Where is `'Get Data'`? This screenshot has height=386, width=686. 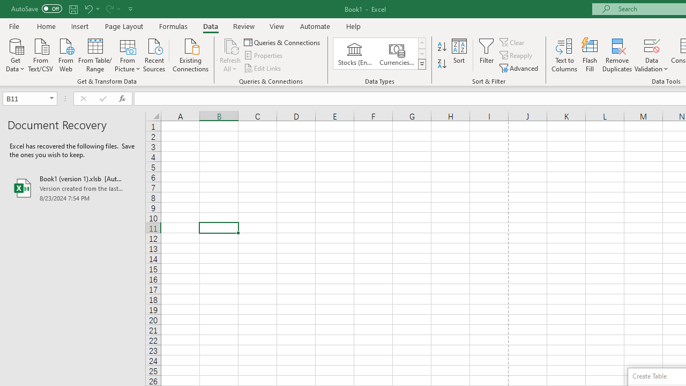 'Get Data' is located at coordinates (15, 54).